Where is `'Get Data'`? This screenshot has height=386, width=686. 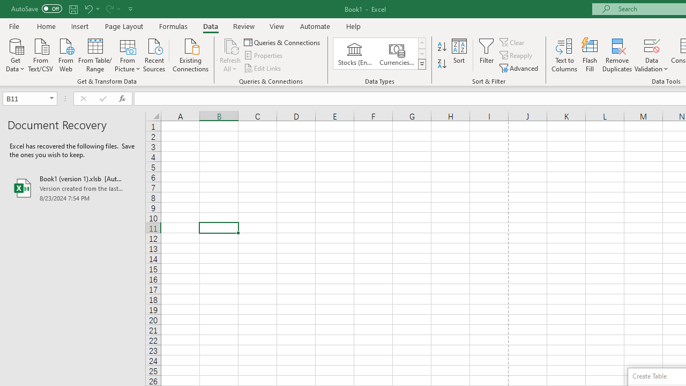 'Get Data' is located at coordinates (15, 54).